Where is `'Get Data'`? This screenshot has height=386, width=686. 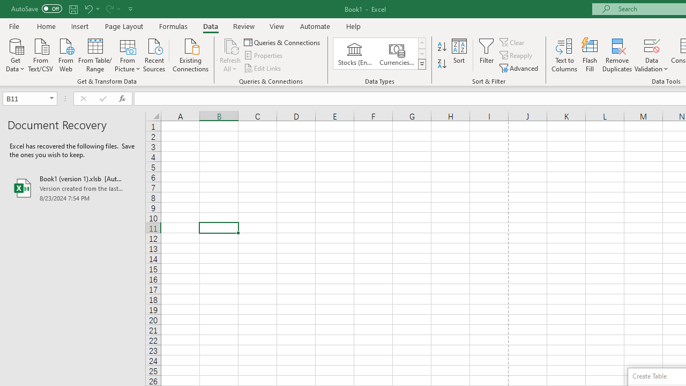 'Get Data' is located at coordinates (15, 54).